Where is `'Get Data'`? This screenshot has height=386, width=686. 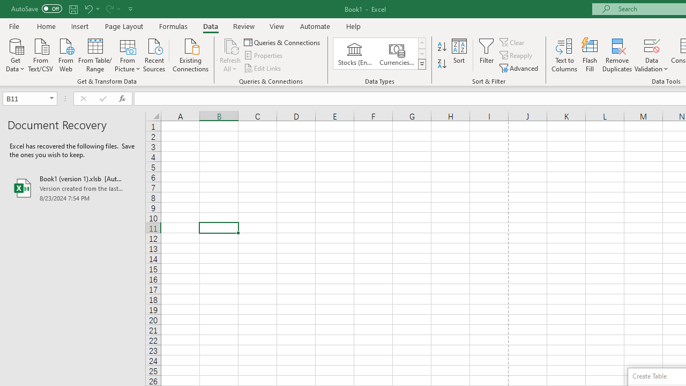 'Get Data' is located at coordinates (15, 54).